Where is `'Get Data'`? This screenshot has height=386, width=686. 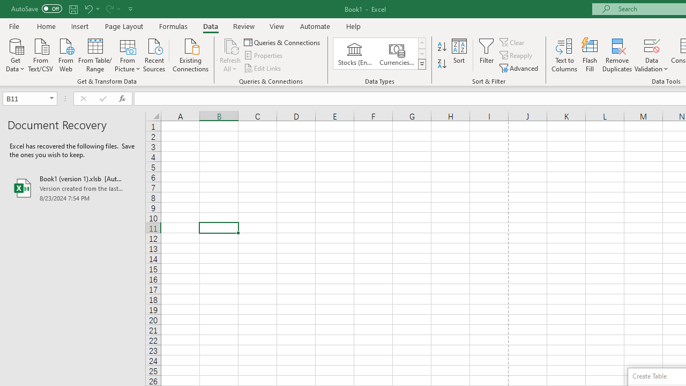 'Get Data' is located at coordinates (15, 54).